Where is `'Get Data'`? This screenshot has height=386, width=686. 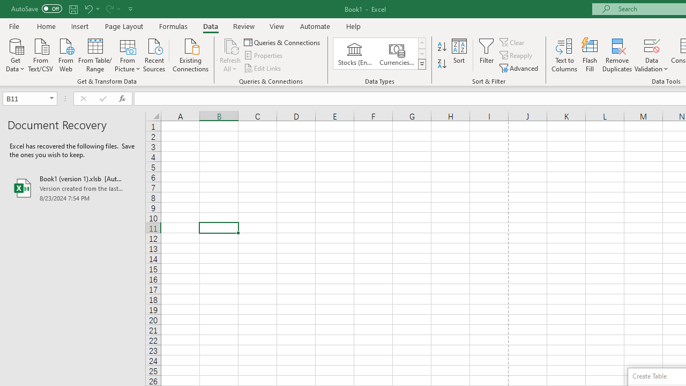 'Get Data' is located at coordinates (15, 54).